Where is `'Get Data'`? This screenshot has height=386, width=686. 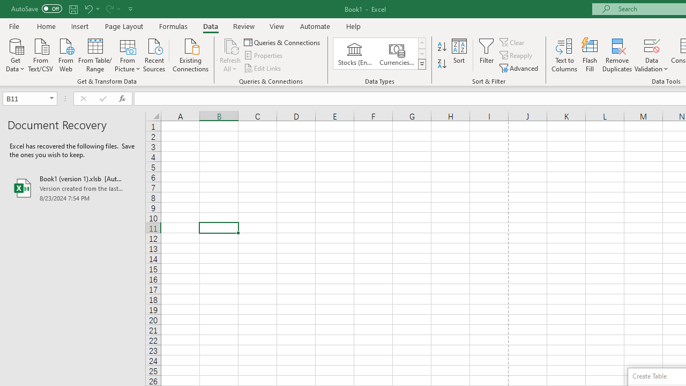 'Get Data' is located at coordinates (15, 54).